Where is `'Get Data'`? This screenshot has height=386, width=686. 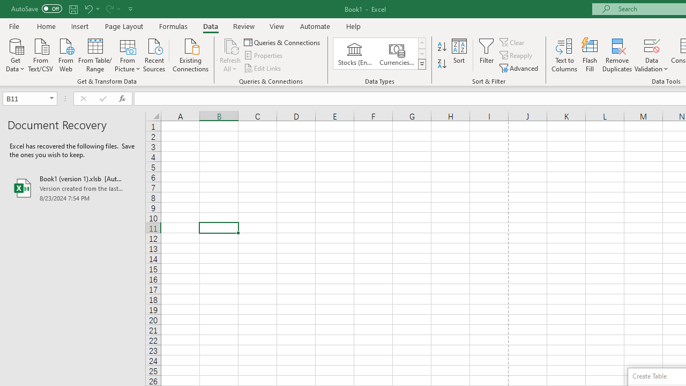 'Get Data' is located at coordinates (15, 54).